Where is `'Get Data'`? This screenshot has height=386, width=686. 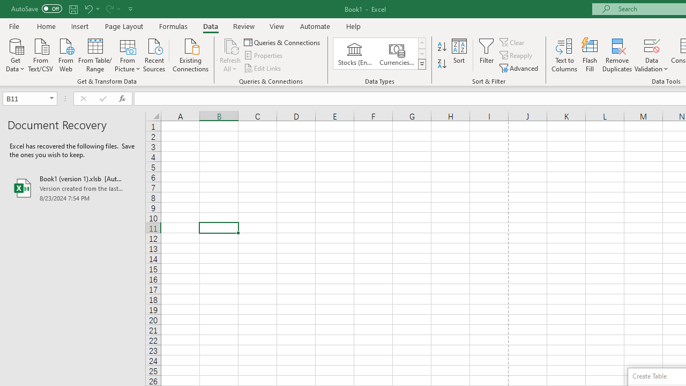 'Get Data' is located at coordinates (15, 54).